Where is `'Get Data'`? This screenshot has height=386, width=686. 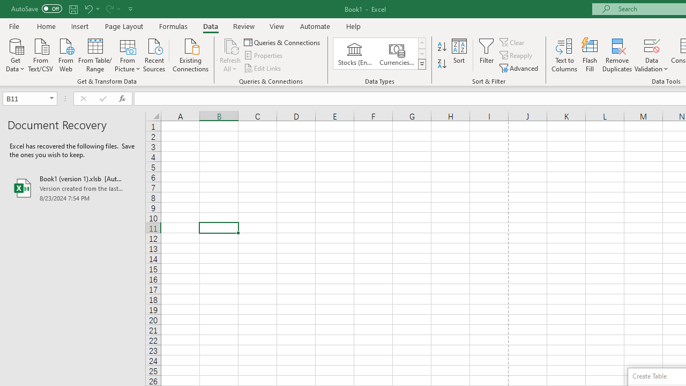 'Get Data' is located at coordinates (15, 54).